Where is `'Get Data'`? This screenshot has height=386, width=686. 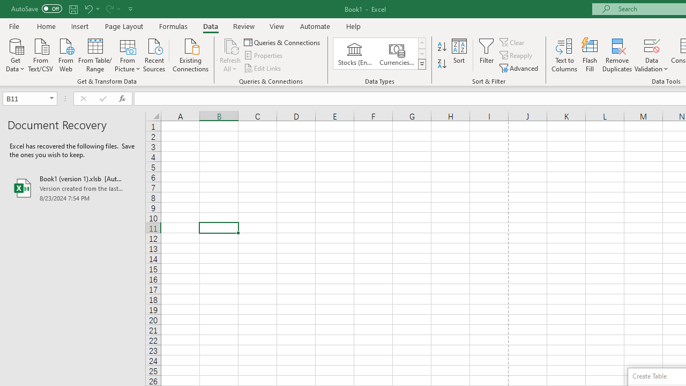 'Get Data' is located at coordinates (15, 54).